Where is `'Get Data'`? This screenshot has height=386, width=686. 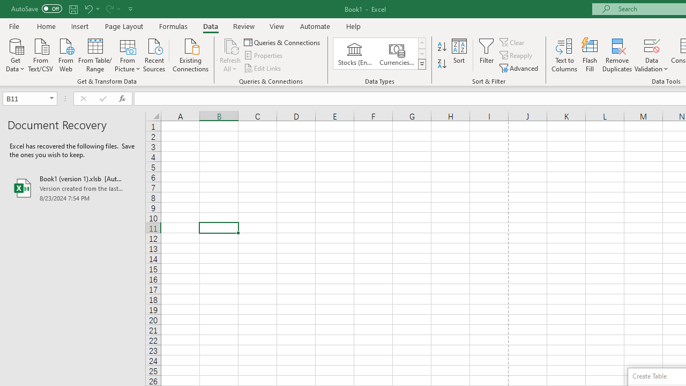 'Get Data' is located at coordinates (15, 54).